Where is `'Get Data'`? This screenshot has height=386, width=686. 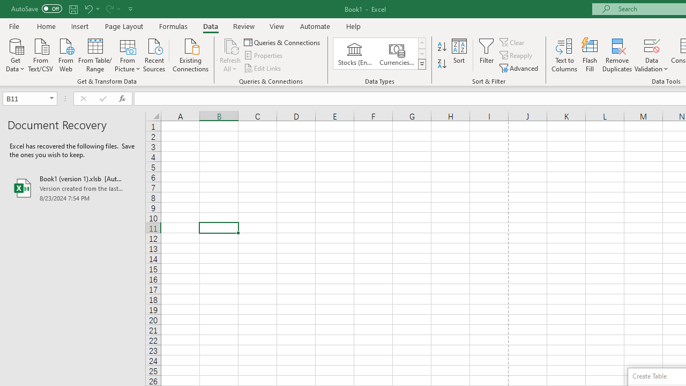 'Get Data' is located at coordinates (15, 54).